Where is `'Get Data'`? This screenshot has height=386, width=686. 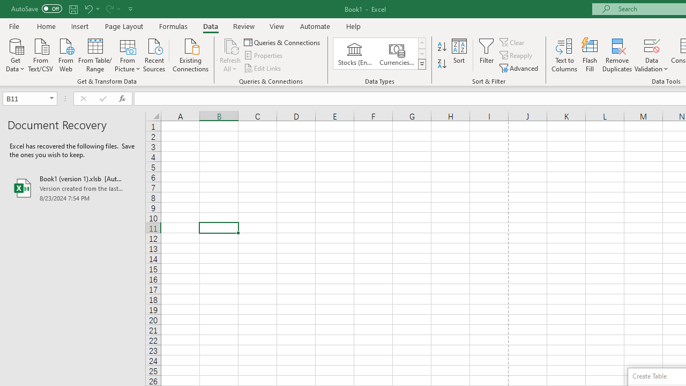 'Get Data' is located at coordinates (15, 54).